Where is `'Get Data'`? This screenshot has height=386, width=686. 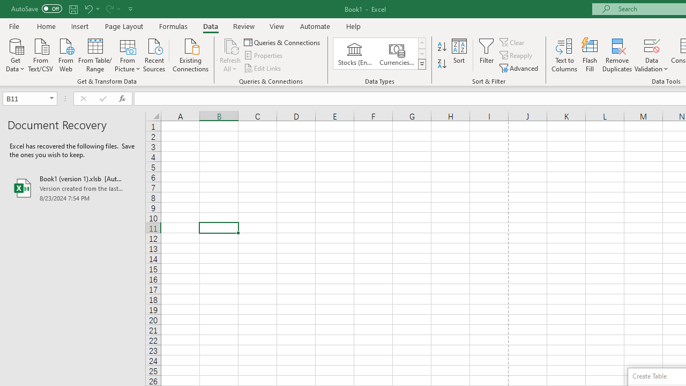 'Get Data' is located at coordinates (15, 54).